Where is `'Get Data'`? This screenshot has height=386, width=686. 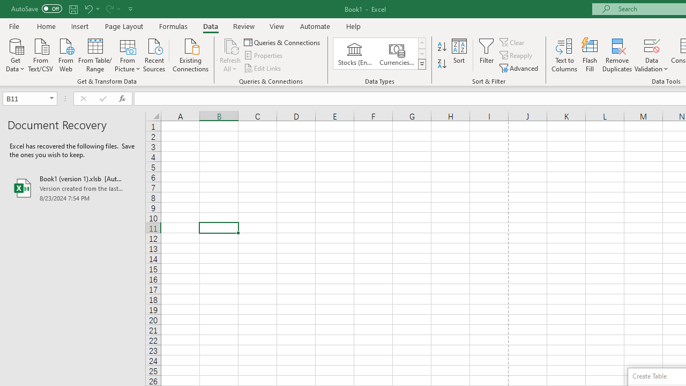 'Get Data' is located at coordinates (15, 54).